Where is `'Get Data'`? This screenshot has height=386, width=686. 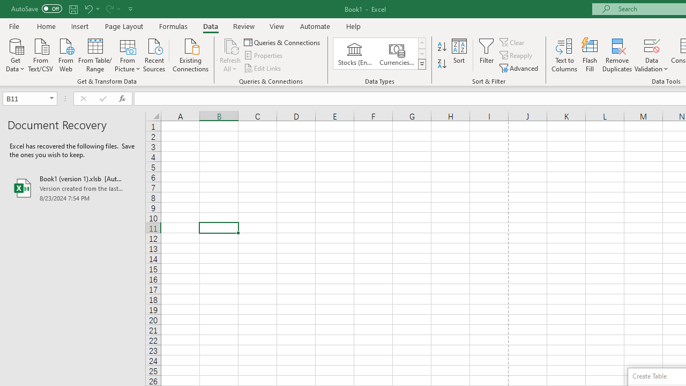 'Get Data' is located at coordinates (15, 54).